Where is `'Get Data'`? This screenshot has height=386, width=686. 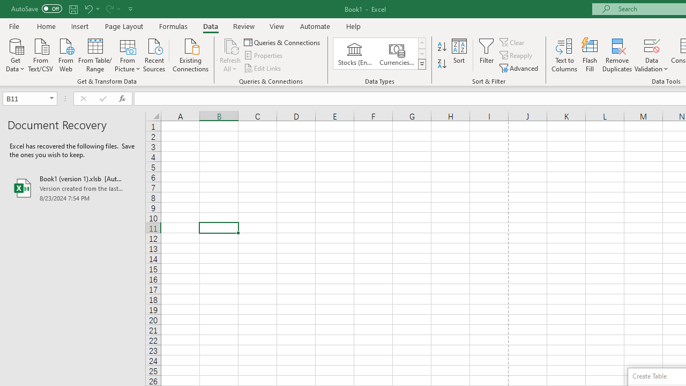 'Get Data' is located at coordinates (15, 54).